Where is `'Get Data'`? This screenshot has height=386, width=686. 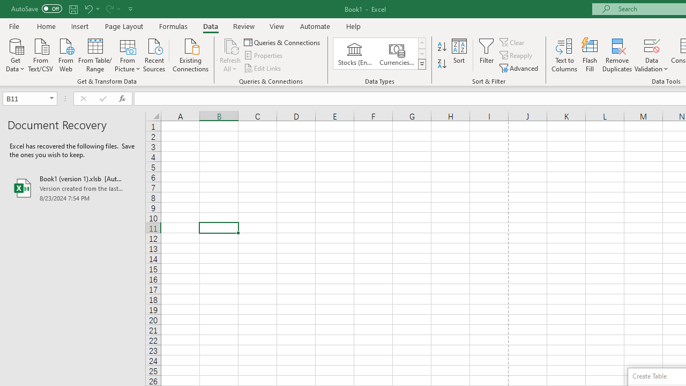 'Get Data' is located at coordinates (15, 54).